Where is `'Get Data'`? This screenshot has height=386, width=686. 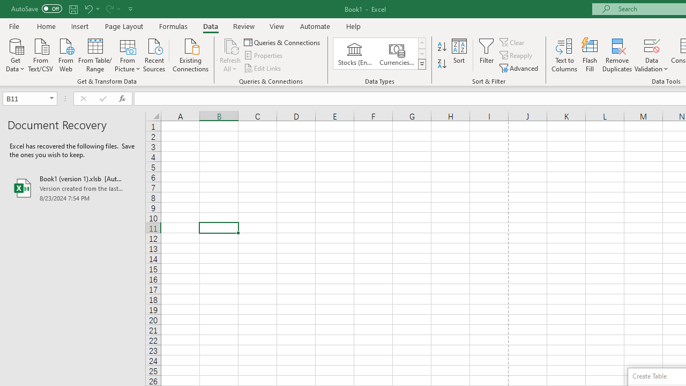 'Get Data' is located at coordinates (15, 54).